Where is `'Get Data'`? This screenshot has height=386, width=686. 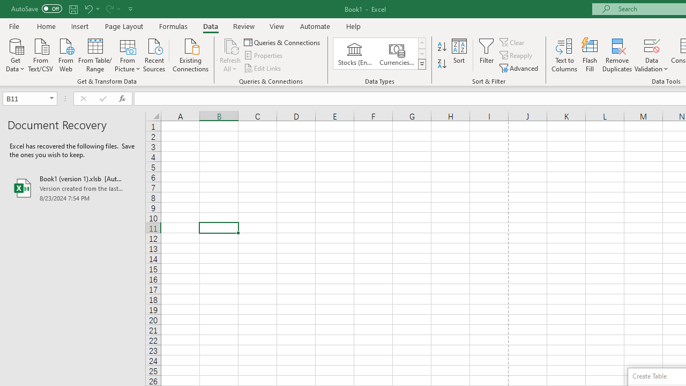 'Get Data' is located at coordinates (15, 54).